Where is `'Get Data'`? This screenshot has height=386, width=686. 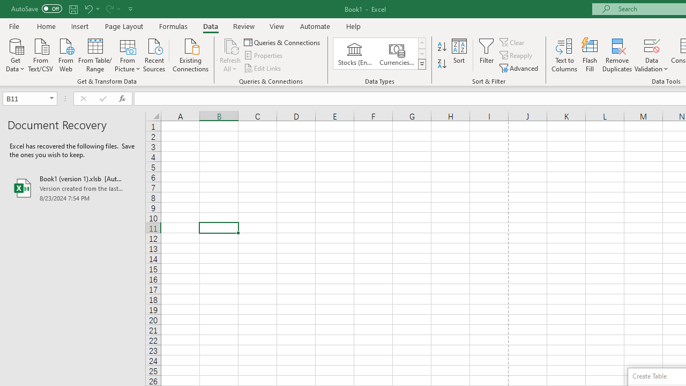 'Get Data' is located at coordinates (15, 54).